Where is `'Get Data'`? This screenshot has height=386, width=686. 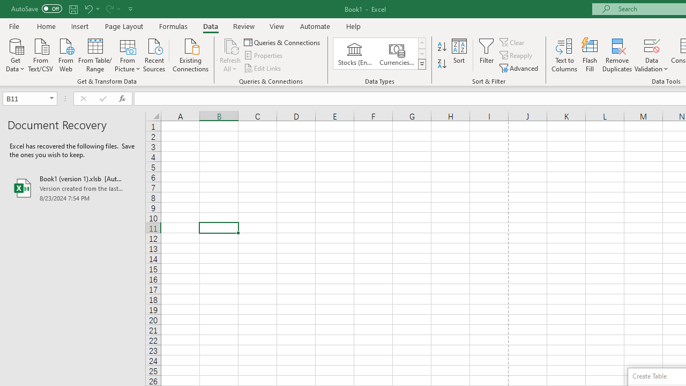 'Get Data' is located at coordinates (15, 54).